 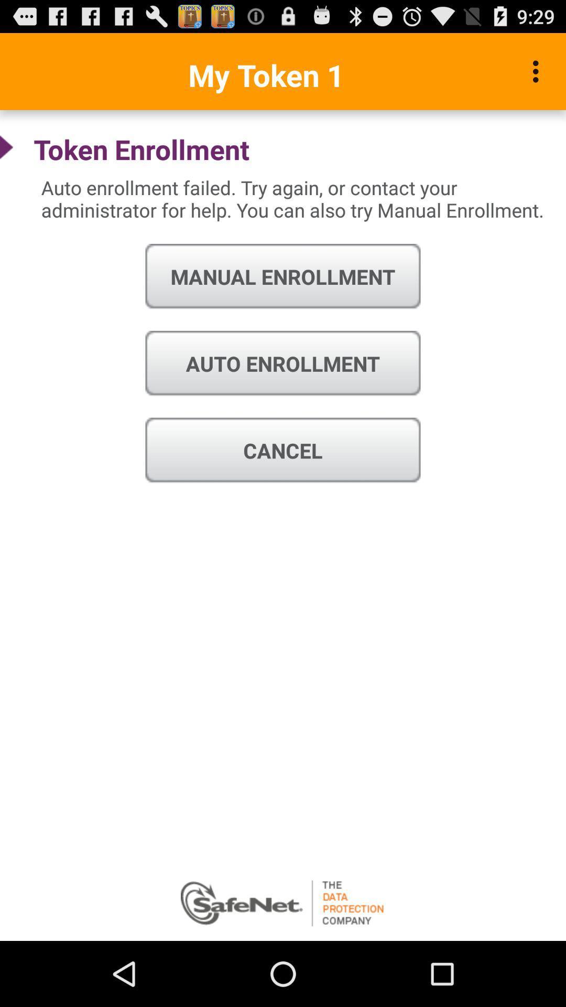 What do you see at coordinates (538, 71) in the screenshot?
I see `the icon next to the my token 1` at bounding box center [538, 71].